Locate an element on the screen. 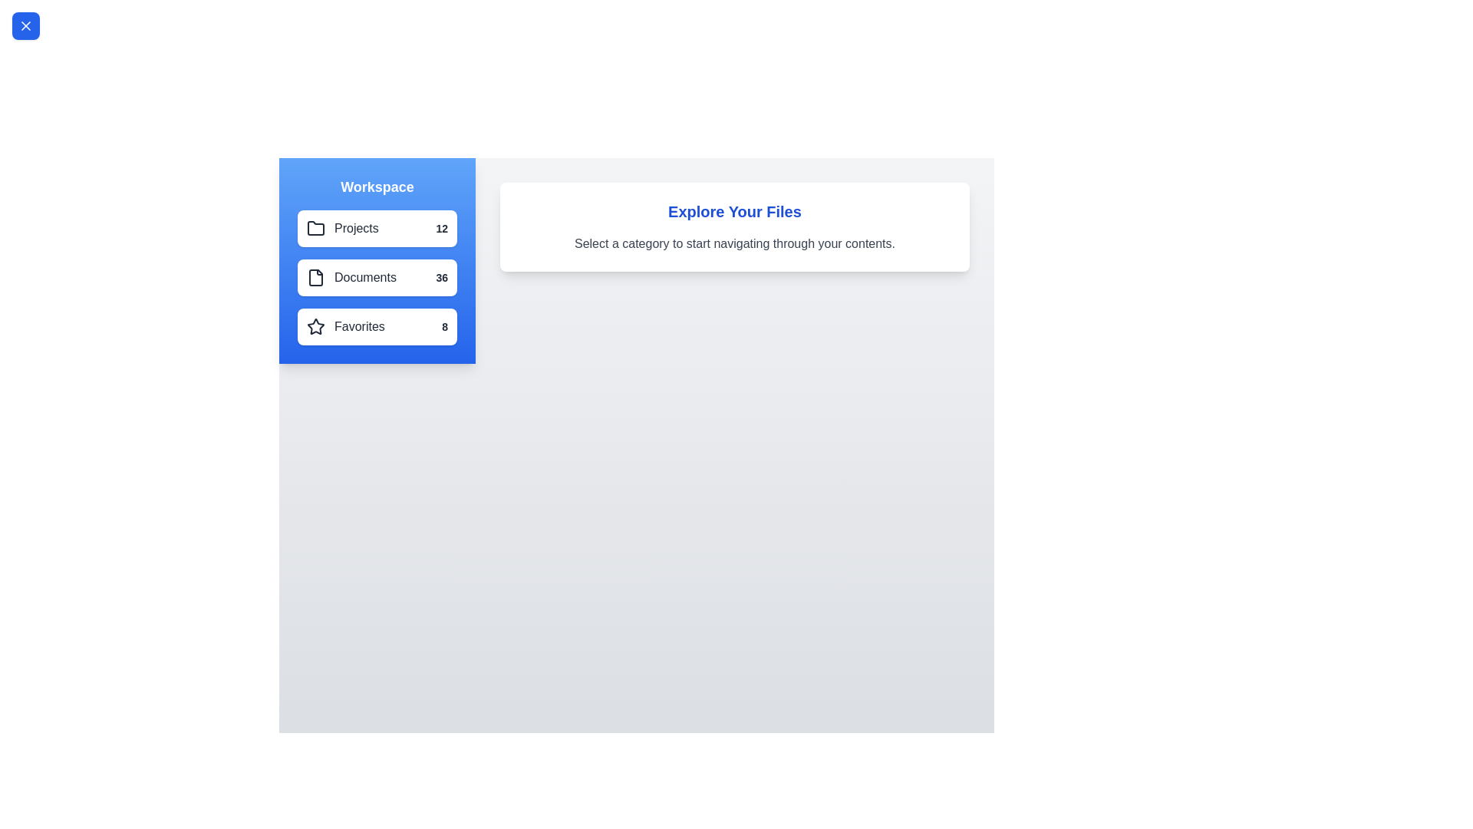 This screenshot has width=1473, height=829. the category Projects from the list is located at coordinates (377, 228).